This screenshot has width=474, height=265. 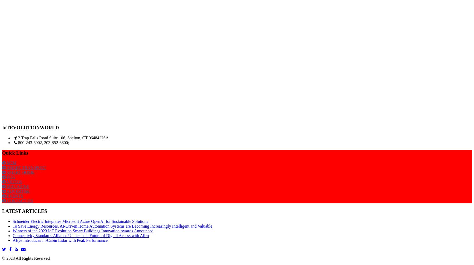 I want to click on 'Winners of the 2023 IoT Evolution Smart Buildings Innovation Awards Announced', so click(x=83, y=230).